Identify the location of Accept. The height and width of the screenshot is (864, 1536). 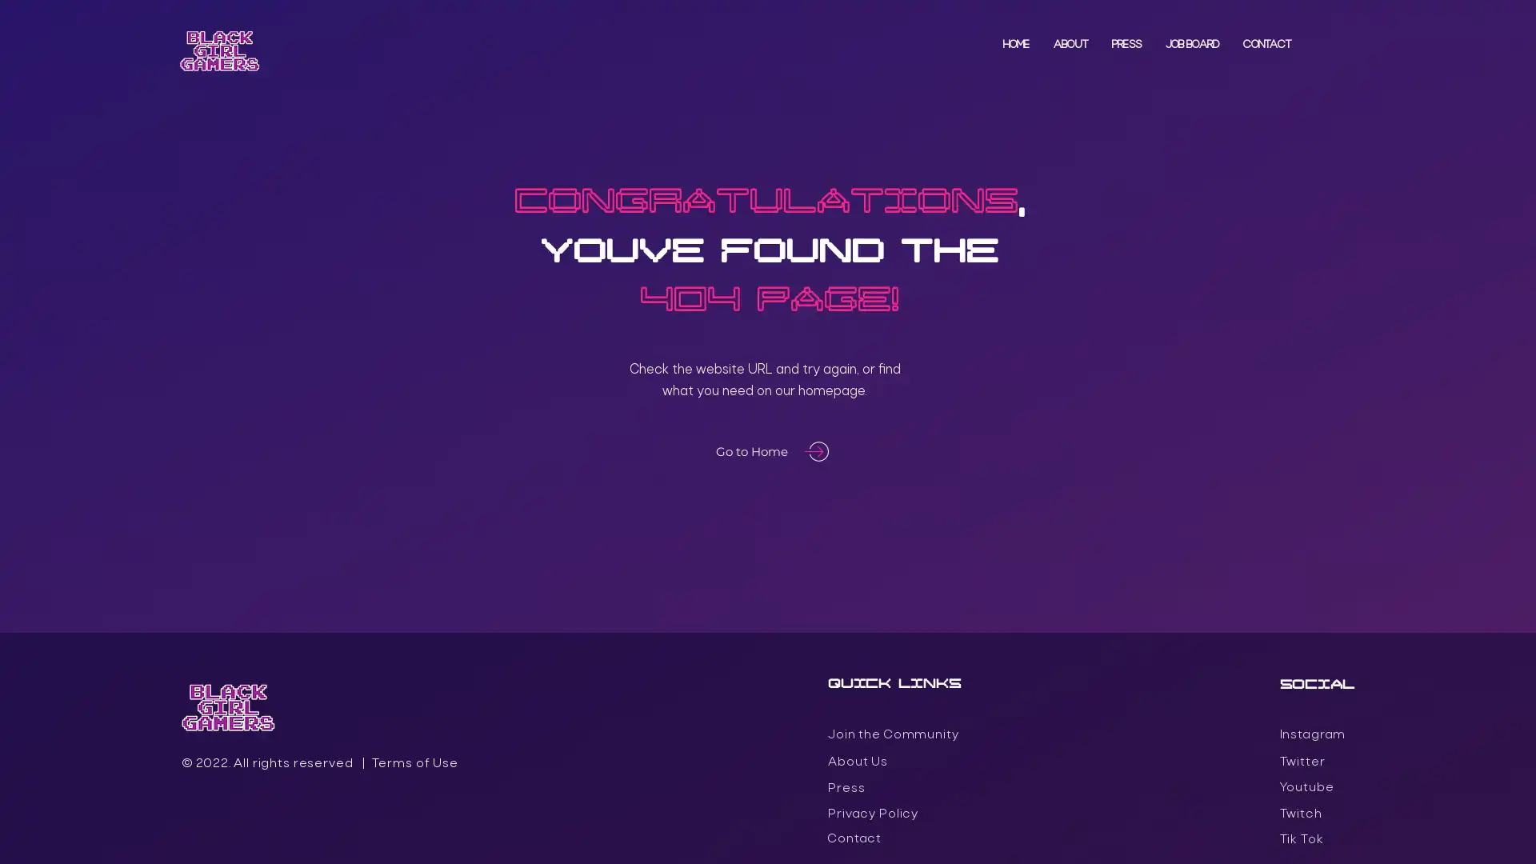
(1467, 838).